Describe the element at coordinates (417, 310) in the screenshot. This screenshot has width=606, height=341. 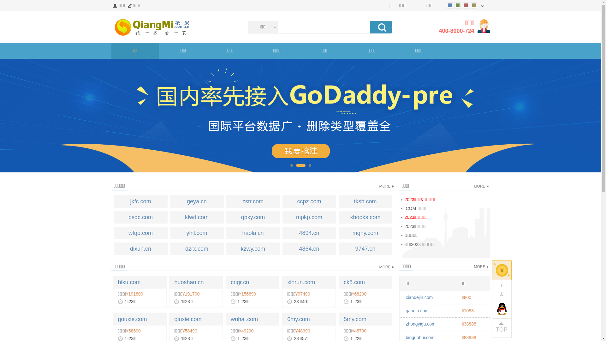
I see `'gaonin.com'` at that location.